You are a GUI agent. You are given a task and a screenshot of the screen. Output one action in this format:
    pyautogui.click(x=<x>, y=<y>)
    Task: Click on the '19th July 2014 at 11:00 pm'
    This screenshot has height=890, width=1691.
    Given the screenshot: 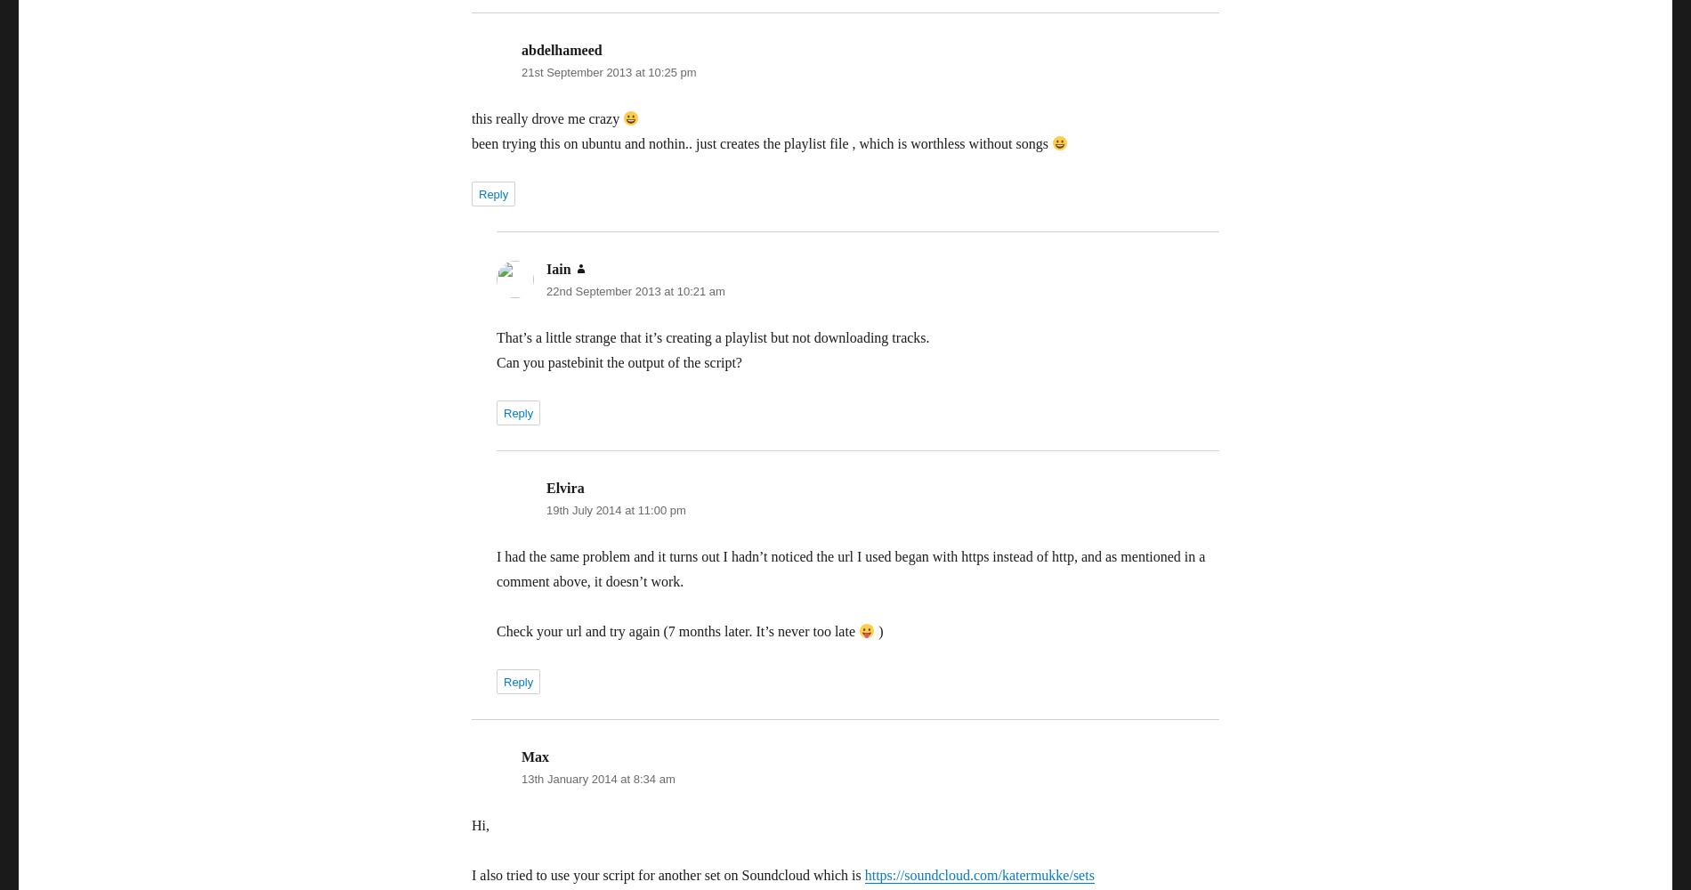 What is the action you would take?
    pyautogui.click(x=615, y=509)
    